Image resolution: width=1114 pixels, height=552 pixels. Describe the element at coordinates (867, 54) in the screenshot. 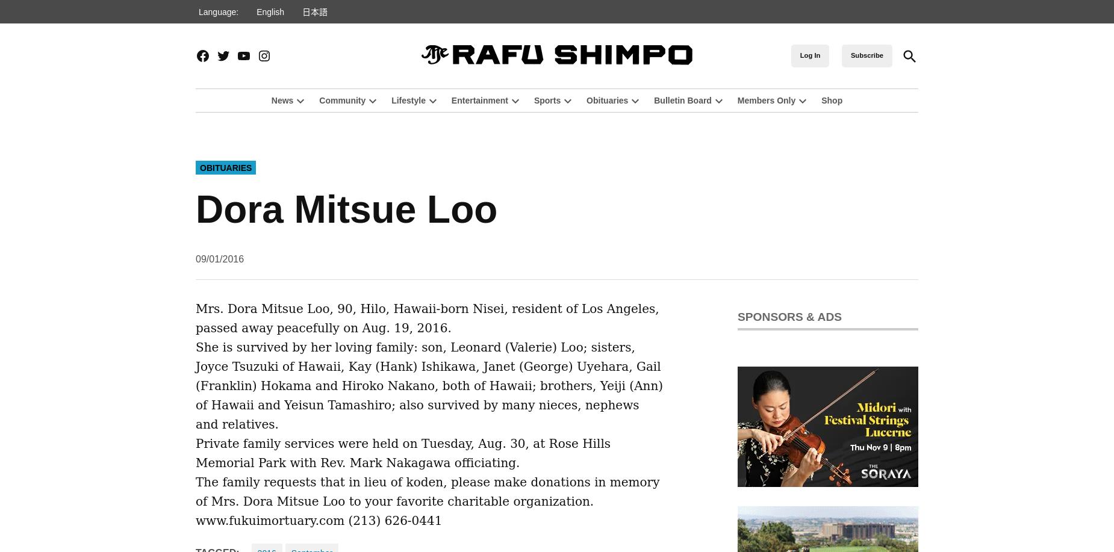

I see `'Subscribe'` at that location.